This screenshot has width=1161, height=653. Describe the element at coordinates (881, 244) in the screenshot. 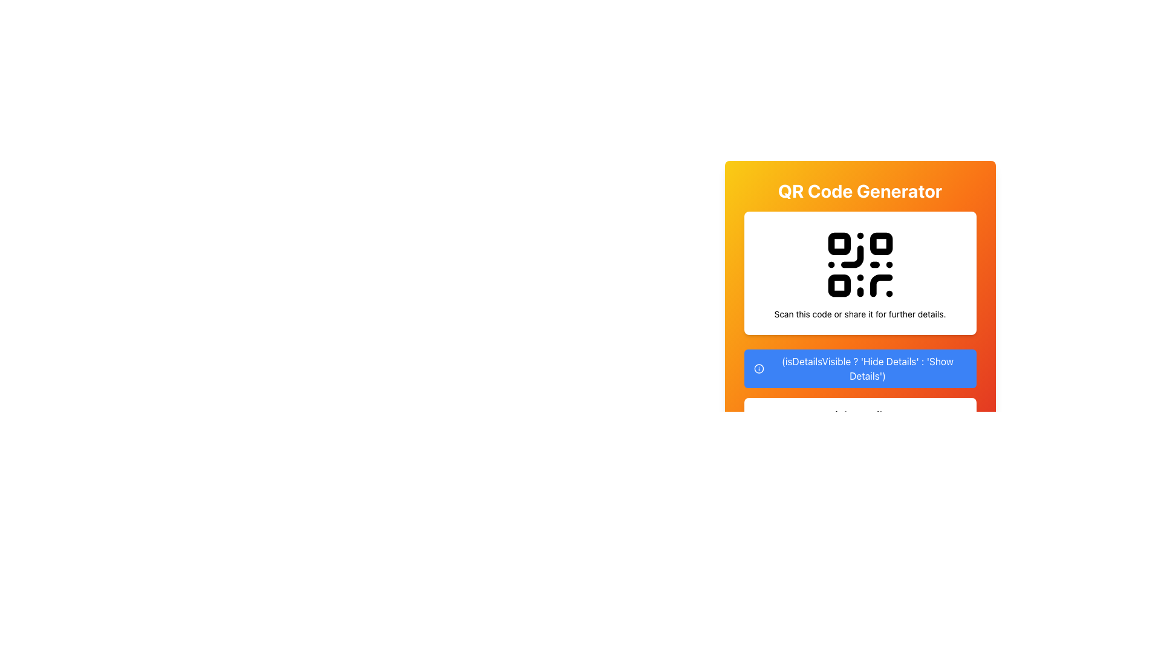

I see `the small, solid square shape located in the top-right corner of the QR code, which is black-filled with rounded corners` at that location.